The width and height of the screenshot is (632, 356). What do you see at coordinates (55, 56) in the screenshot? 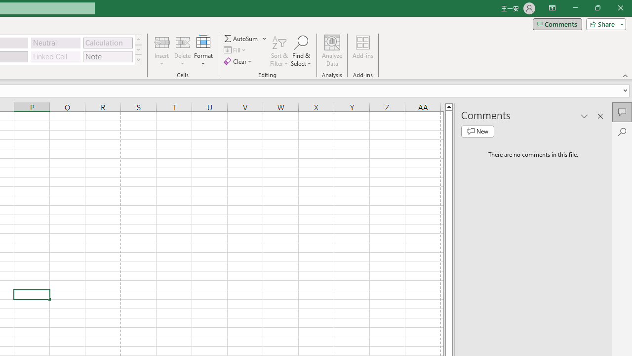
I see `'Linked Cell'` at bounding box center [55, 56].